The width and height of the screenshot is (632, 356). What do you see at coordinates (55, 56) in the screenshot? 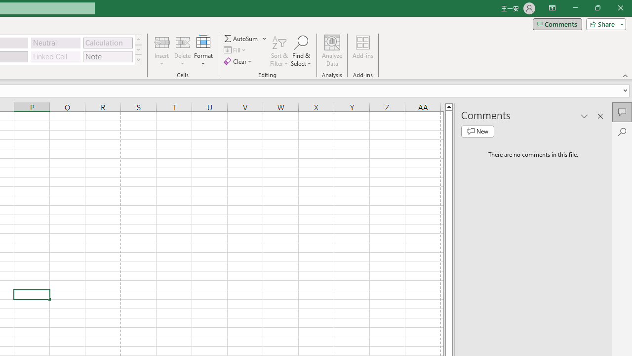
I see `'Linked Cell'` at bounding box center [55, 56].